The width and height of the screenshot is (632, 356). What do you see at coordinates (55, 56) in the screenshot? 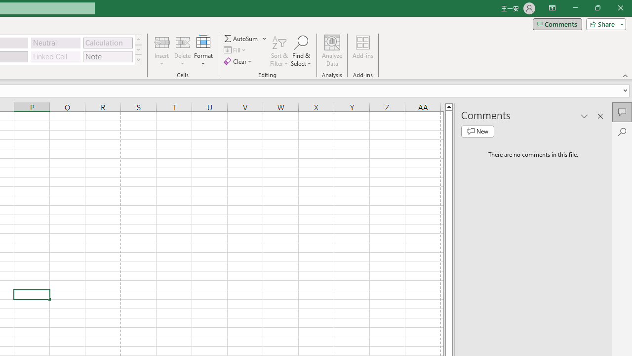
I see `'Linked Cell'` at bounding box center [55, 56].